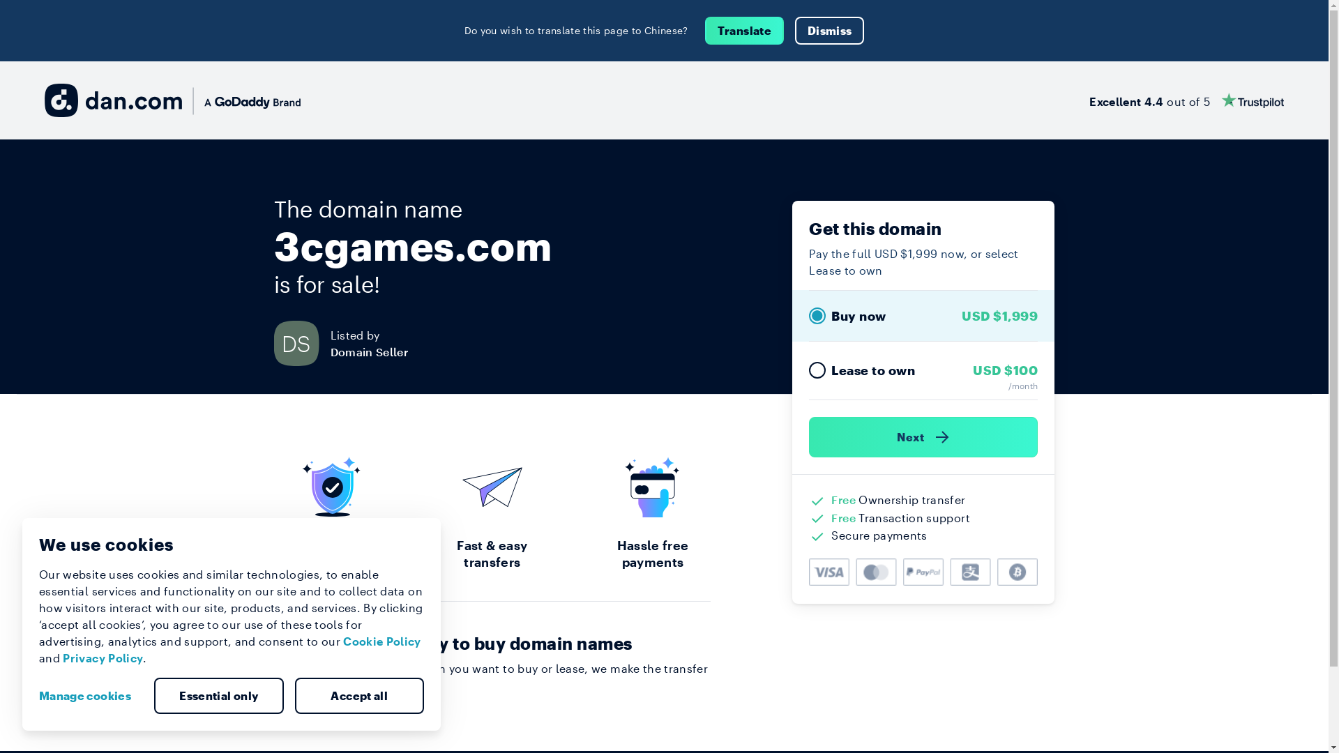  Describe the element at coordinates (829, 30) in the screenshot. I see `'Dismiss'` at that location.